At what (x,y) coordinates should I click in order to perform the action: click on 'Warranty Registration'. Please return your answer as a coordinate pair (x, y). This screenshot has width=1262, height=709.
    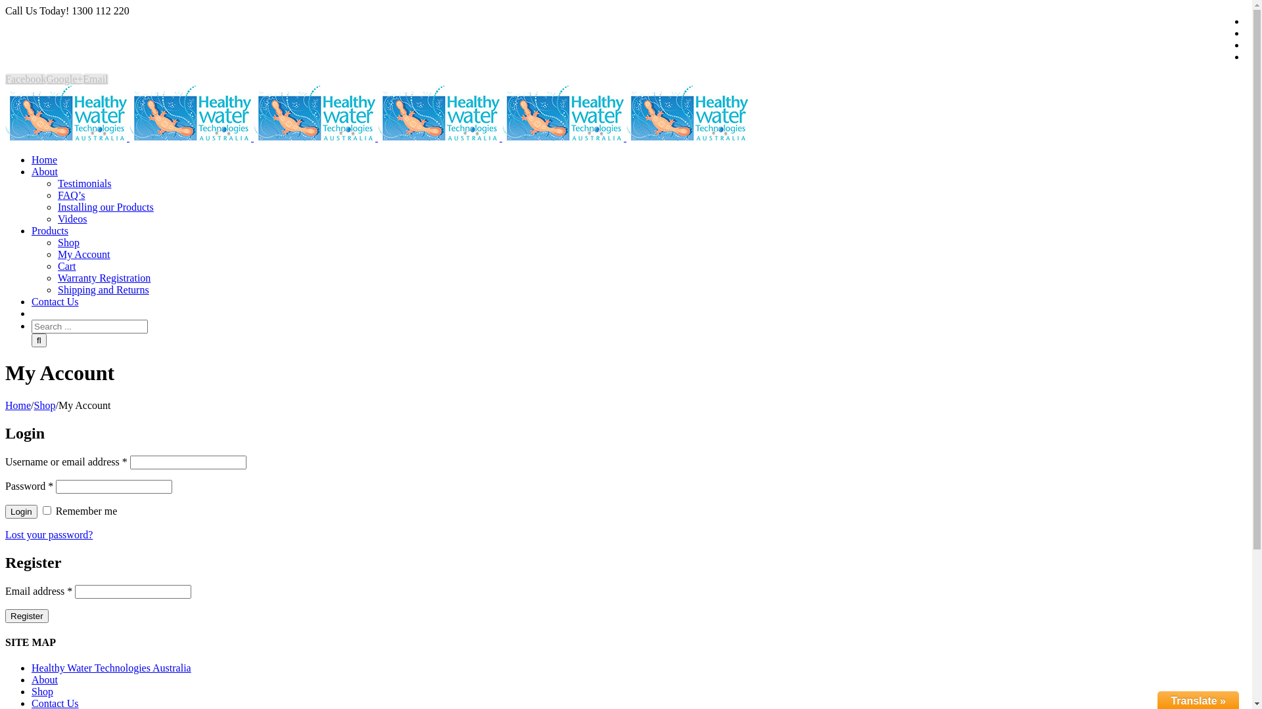
    Looking at the image, I should click on (103, 277).